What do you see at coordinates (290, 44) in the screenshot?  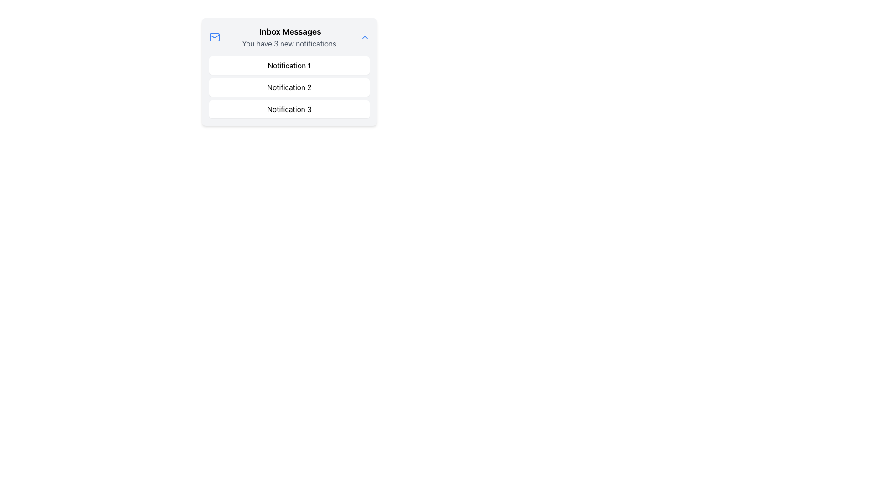 I see `static text element that displays 'You have 3 new notifications.' located directly below the header 'Inbox Messages.'` at bounding box center [290, 44].